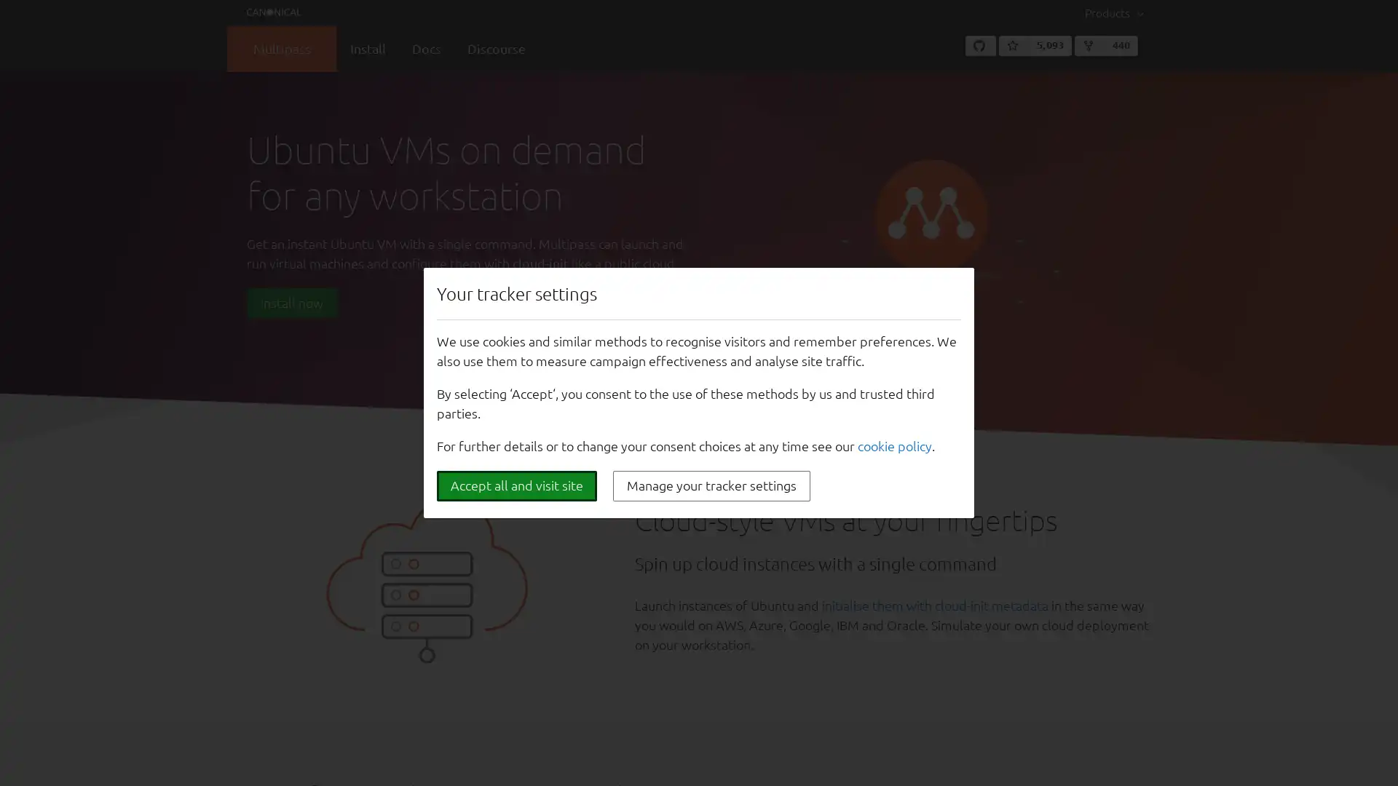  Describe the element at coordinates (711, 485) in the screenshot. I see `Manage your tracker settings` at that location.